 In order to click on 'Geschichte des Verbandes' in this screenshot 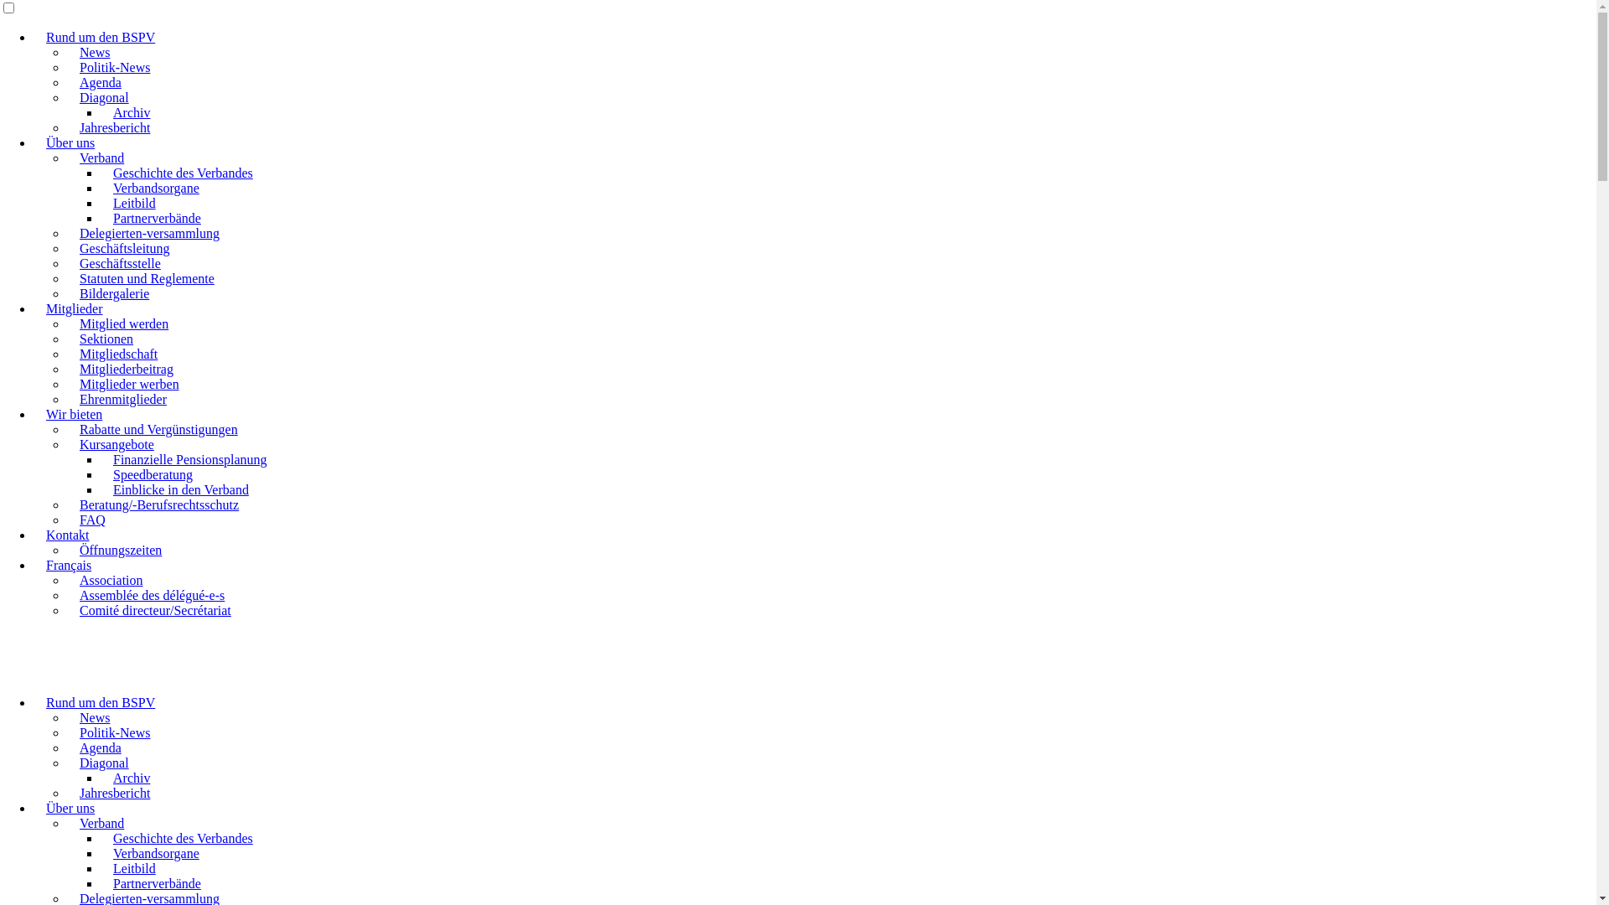, I will do `click(183, 838)`.